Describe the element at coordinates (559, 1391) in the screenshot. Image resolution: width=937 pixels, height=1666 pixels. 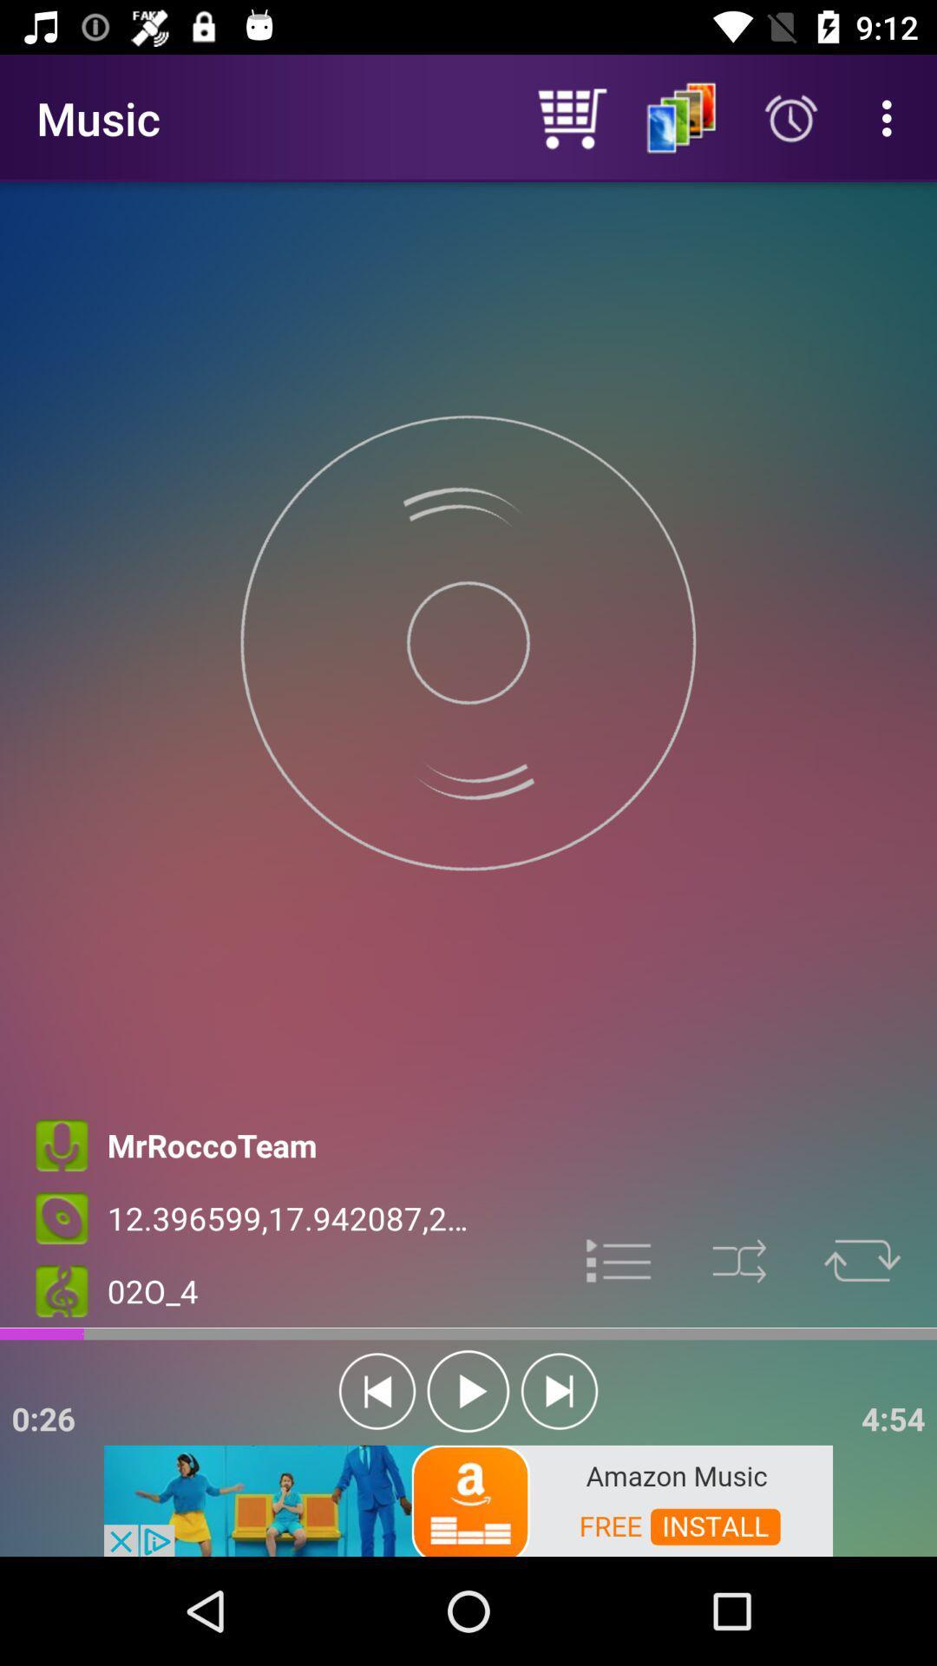
I see `next song` at that location.